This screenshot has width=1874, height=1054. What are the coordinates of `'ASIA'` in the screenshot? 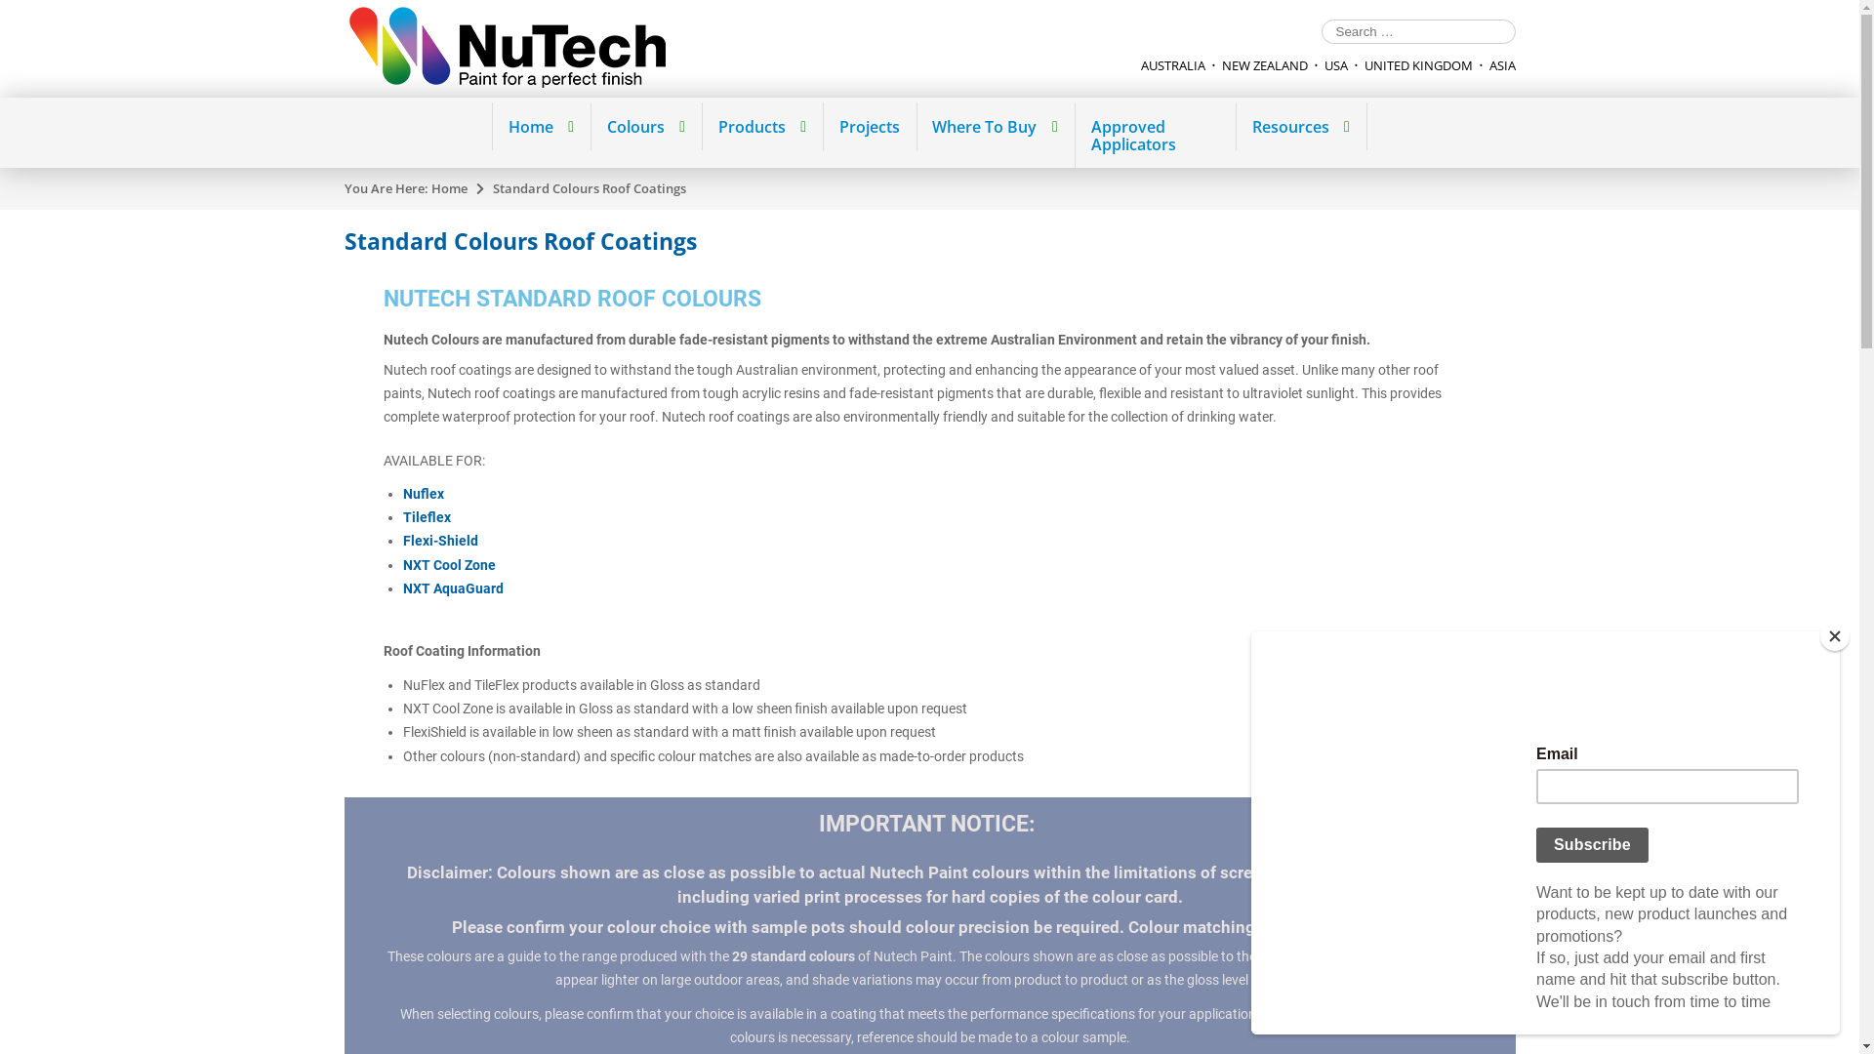 It's located at (1488, 63).